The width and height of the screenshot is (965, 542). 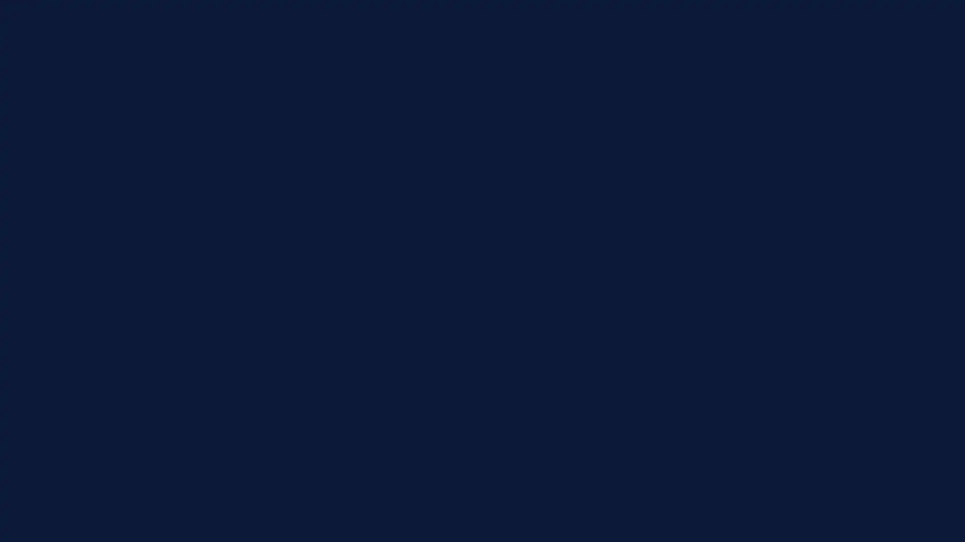 I want to click on Close, so click(x=767, y=195).